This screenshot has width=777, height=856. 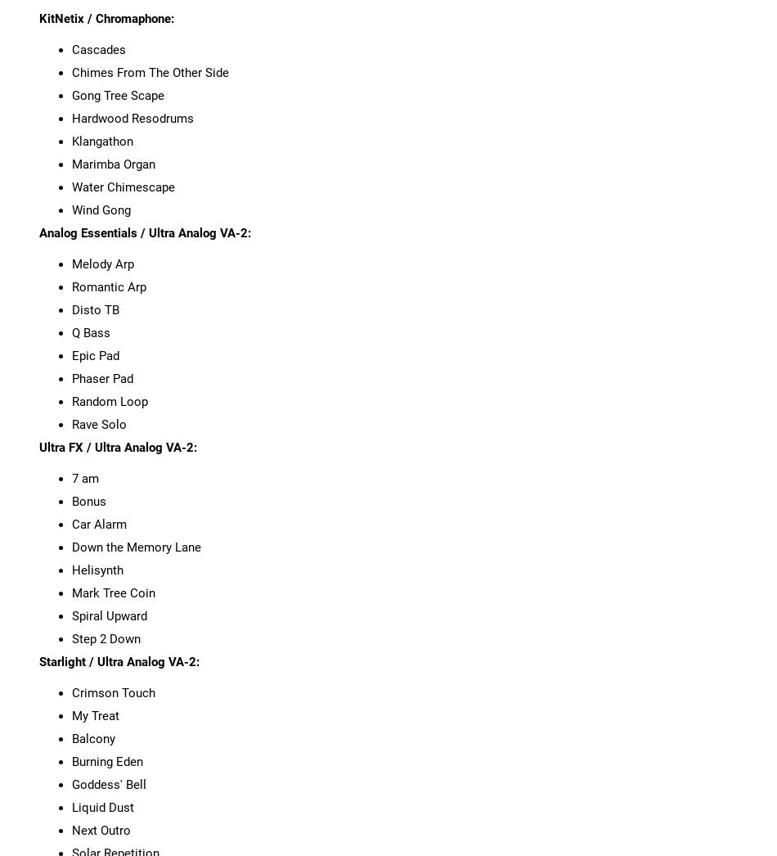 I want to click on 'Liquid Dust', so click(x=102, y=805).